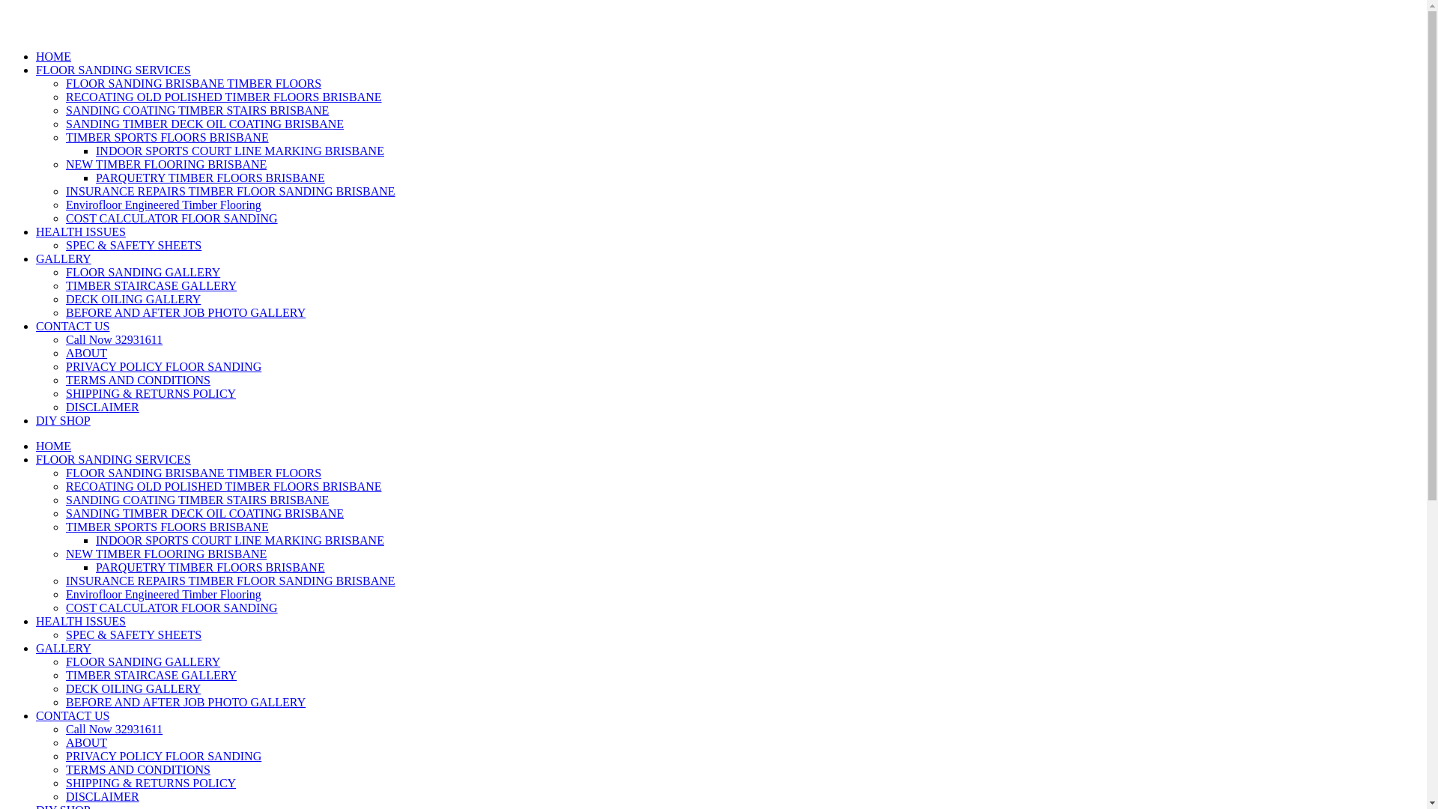 This screenshot has width=1438, height=809. I want to click on 'HEALTH ISSUES', so click(79, 231).